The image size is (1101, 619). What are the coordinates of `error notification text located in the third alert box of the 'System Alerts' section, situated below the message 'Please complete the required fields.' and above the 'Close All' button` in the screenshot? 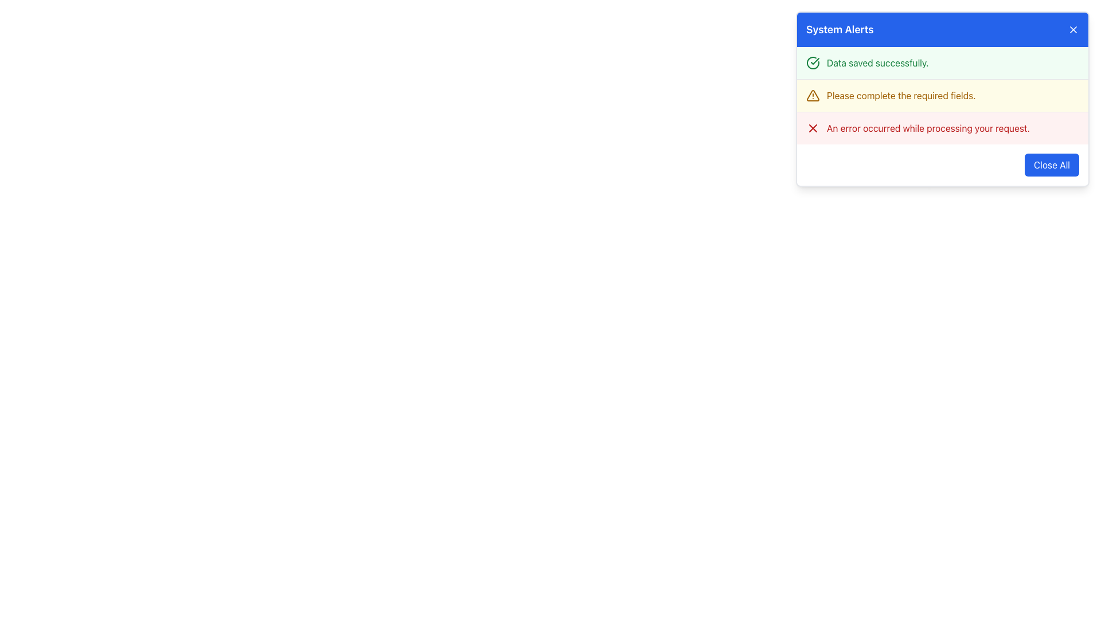 It's located at (928, 128).